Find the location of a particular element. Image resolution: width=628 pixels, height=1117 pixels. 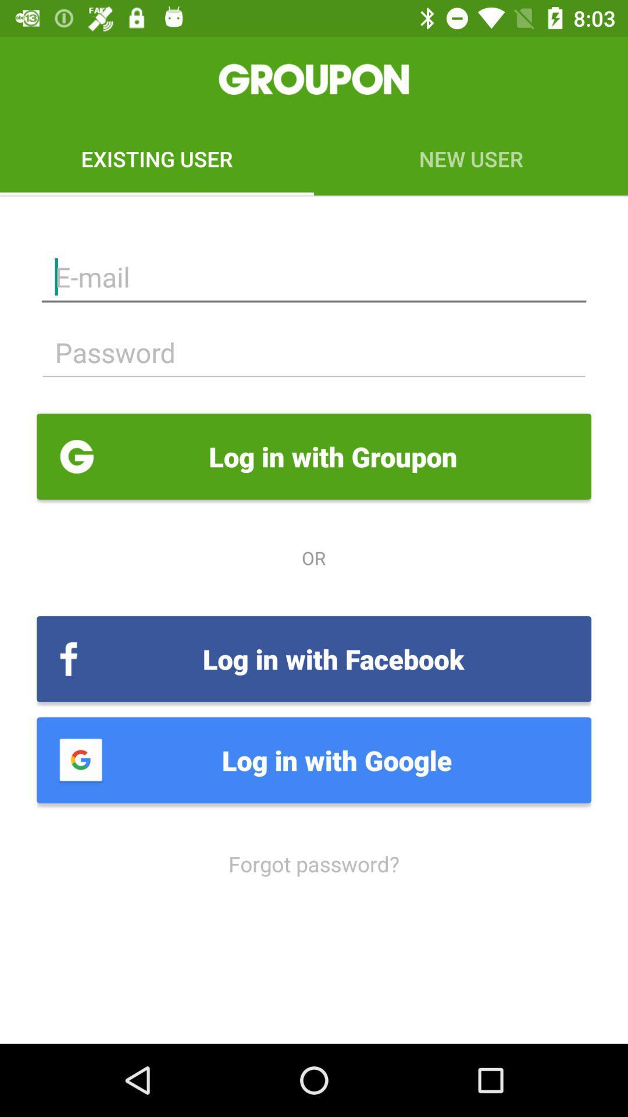

your email is located at coordinates (314, 276).